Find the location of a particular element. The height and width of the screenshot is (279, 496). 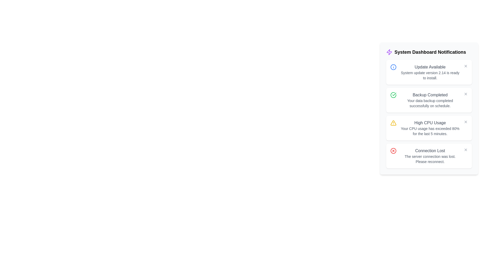

the Notification Card that alerts users about high CPU usage, positioned between the 'Backup Completed' and 'Connection Lost' notifications in the 'System Dashboard Notifications' panel is located at coordinates (429, 128).